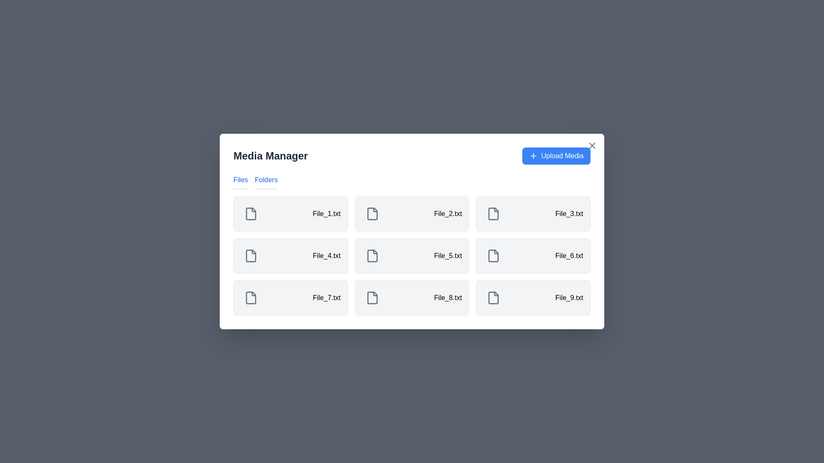  I want to click on the cross icon styled as an 'X' located at the top-right corner of the interface, near the 'Upload Media' button, so click(592, 145).